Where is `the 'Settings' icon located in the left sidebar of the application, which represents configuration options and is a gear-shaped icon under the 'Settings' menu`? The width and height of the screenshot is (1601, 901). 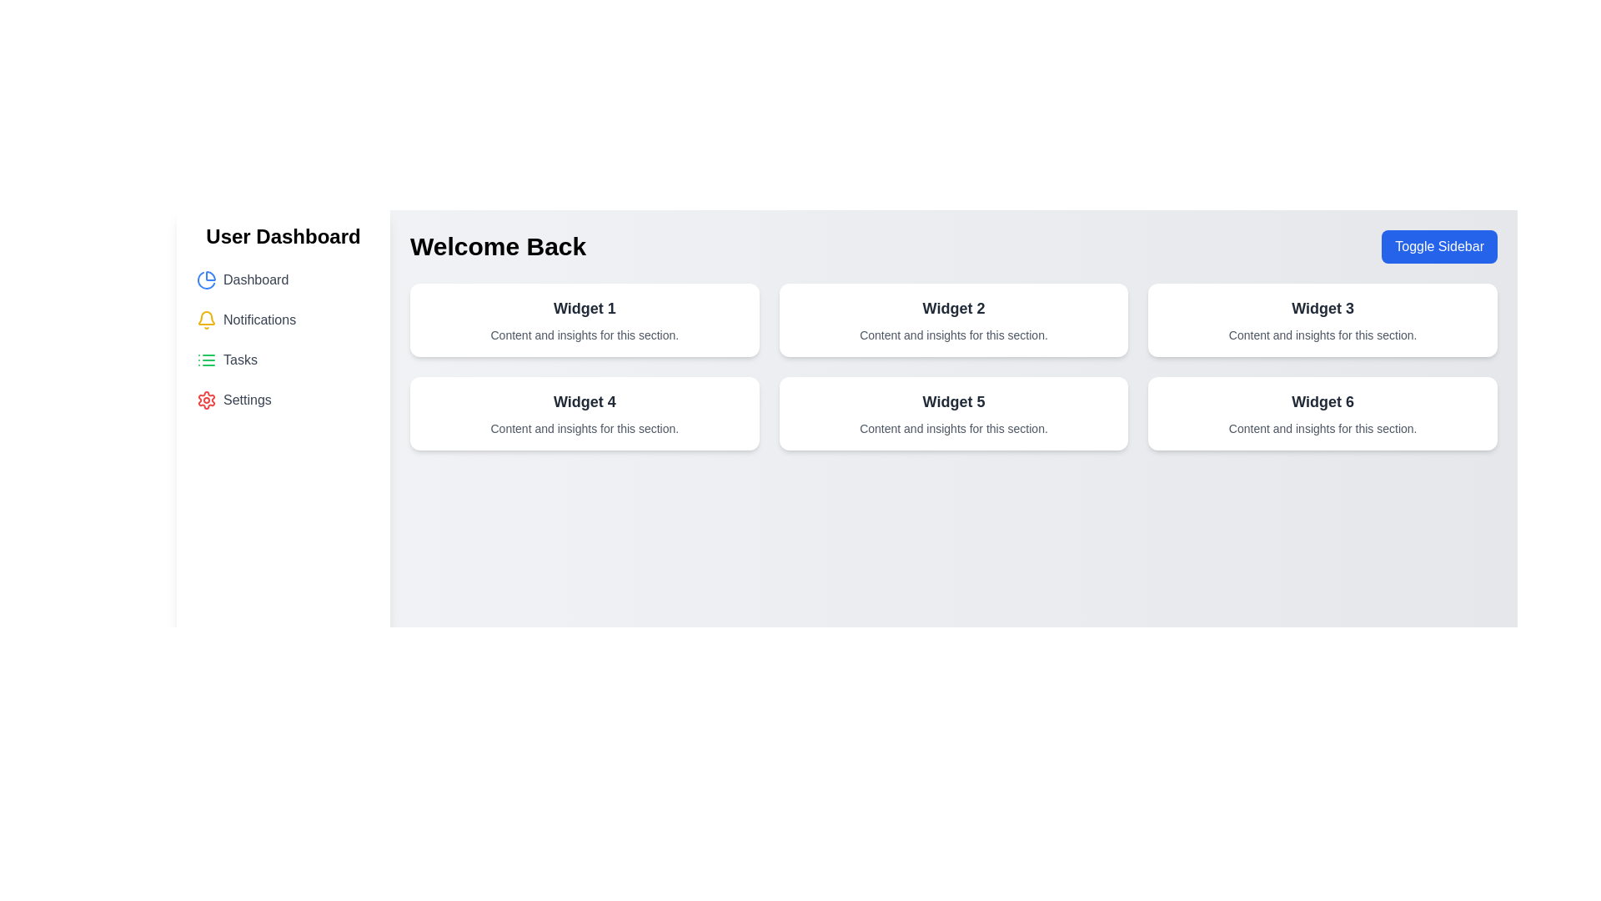 the 'Settings' icon located in the left sidebar of the application, which represents configuration options and is a gear-shaped icon under the 'Settings' menu is located at coordinates (206, 400).